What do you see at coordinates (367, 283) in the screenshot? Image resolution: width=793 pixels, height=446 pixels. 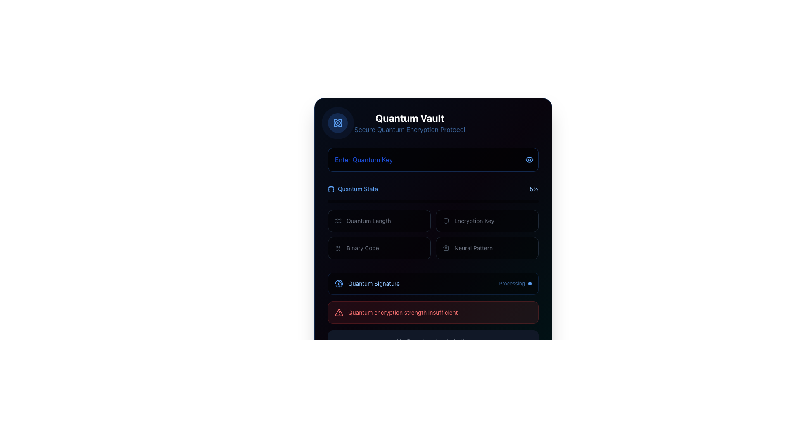 I see `the Text label indicating 'Quantum Signature'` at bounding box center [367, 283].